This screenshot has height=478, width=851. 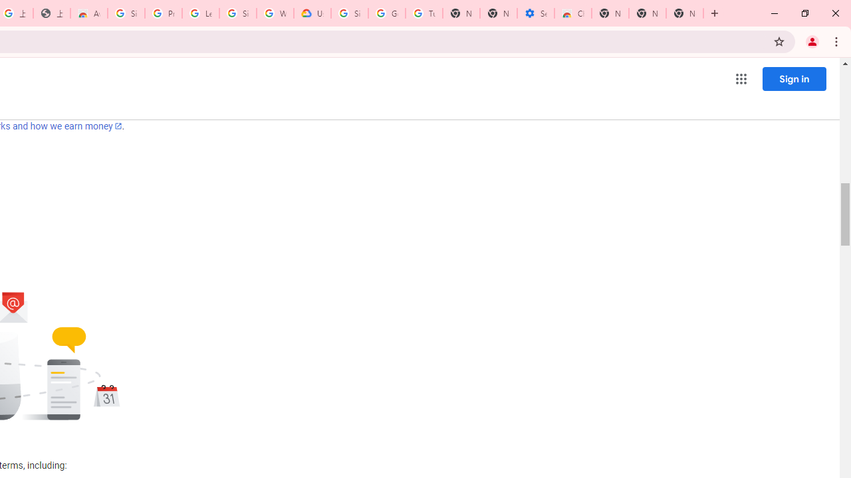 What do you see at coordinates (775, 13) in the screenshot?
I see `'Minimize'` at bounding box center [775, 13].